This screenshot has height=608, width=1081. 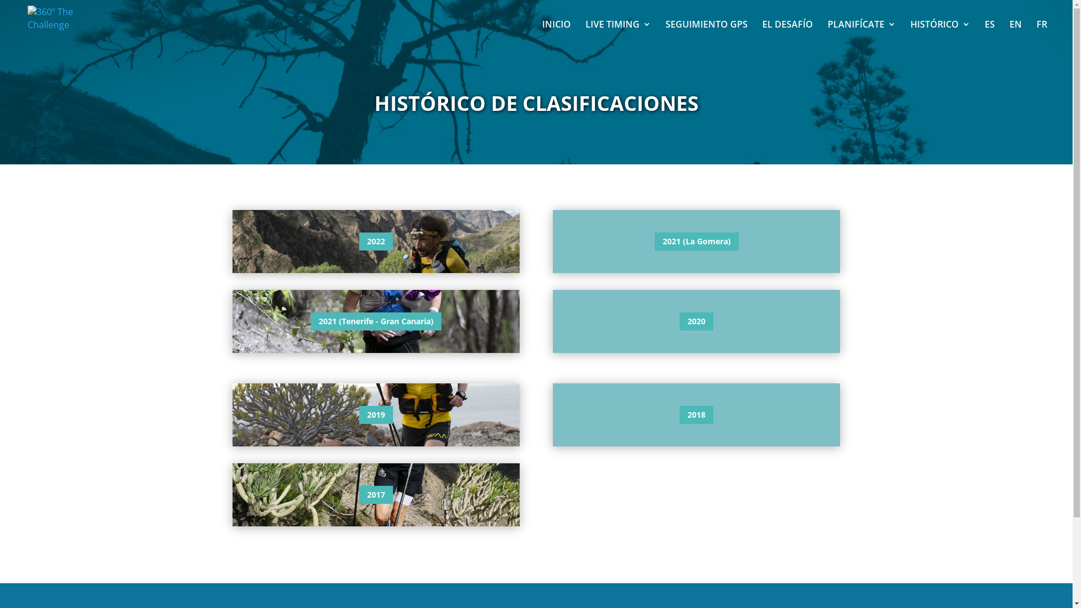 What do you see at coordinates (989, 34) in the screenshot?
I see `'ES'` at bounding box center [989, 34].